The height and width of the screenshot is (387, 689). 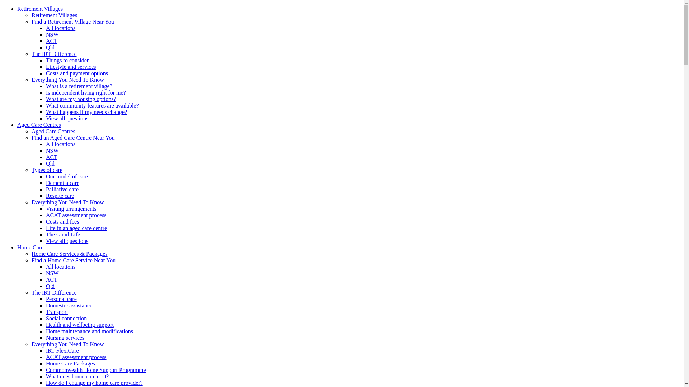 I want to click on 'Health and wellbeing support', so click(x=80, y=325).